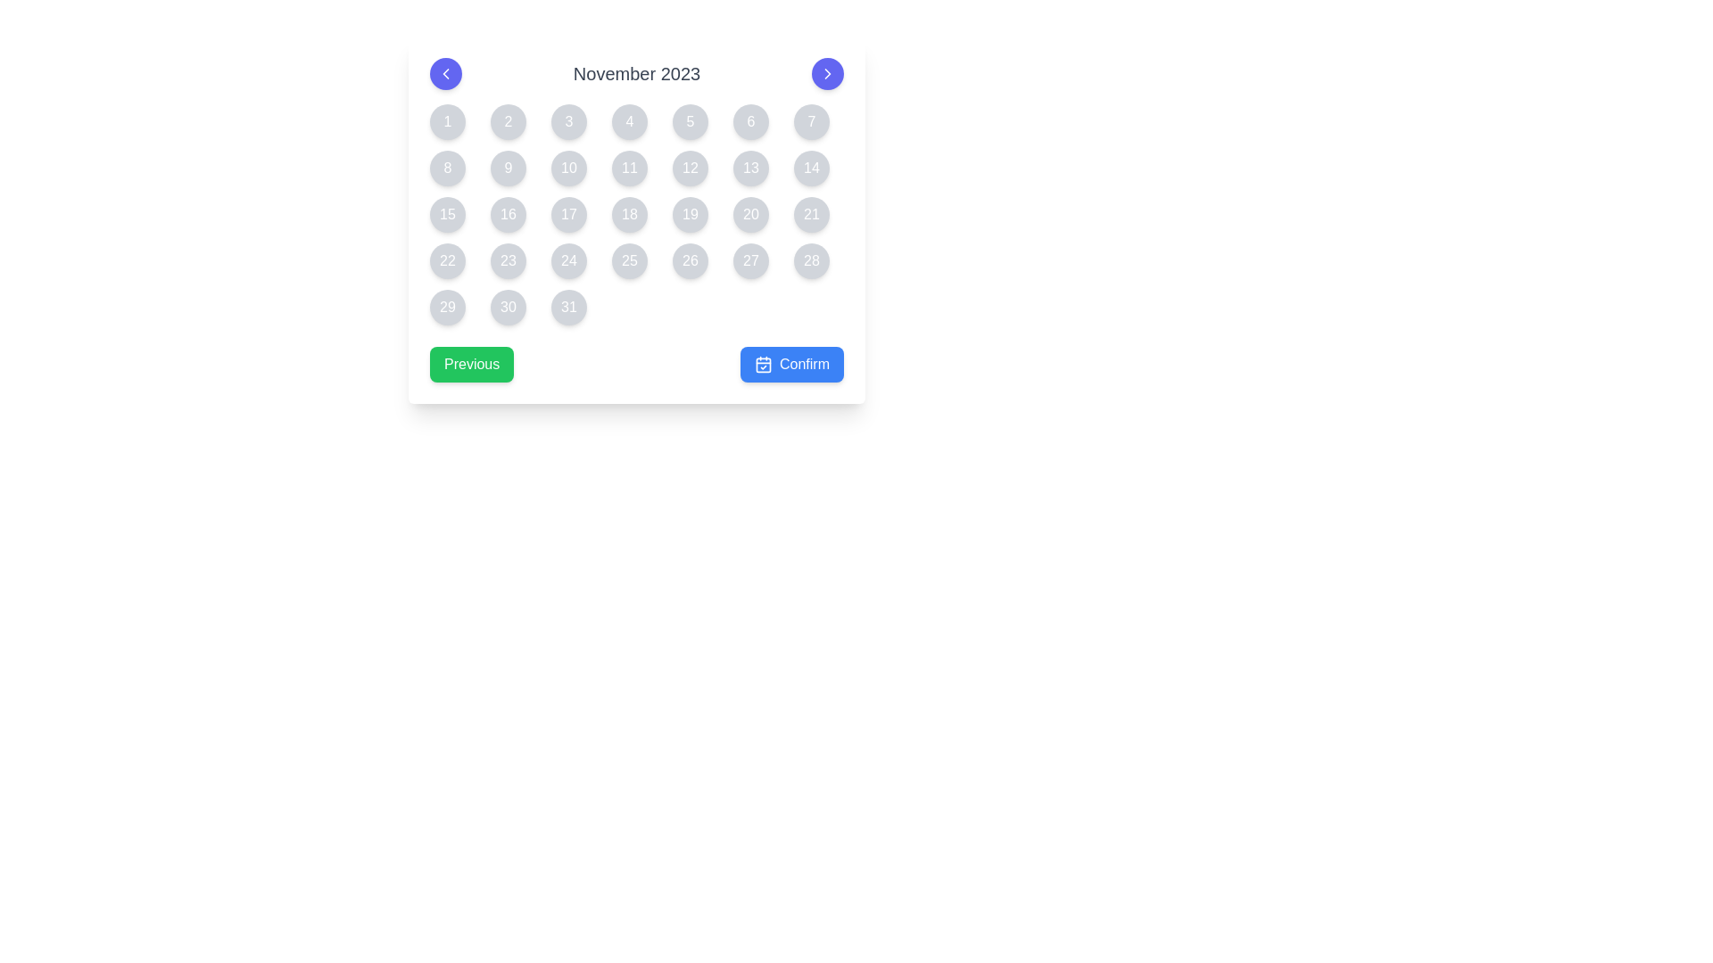 The image size is (1713, 963). Describe the element at coordinates (811, 261) in the screenshot. I see `the circular button labeled '28' in the calendar grid` at that location.